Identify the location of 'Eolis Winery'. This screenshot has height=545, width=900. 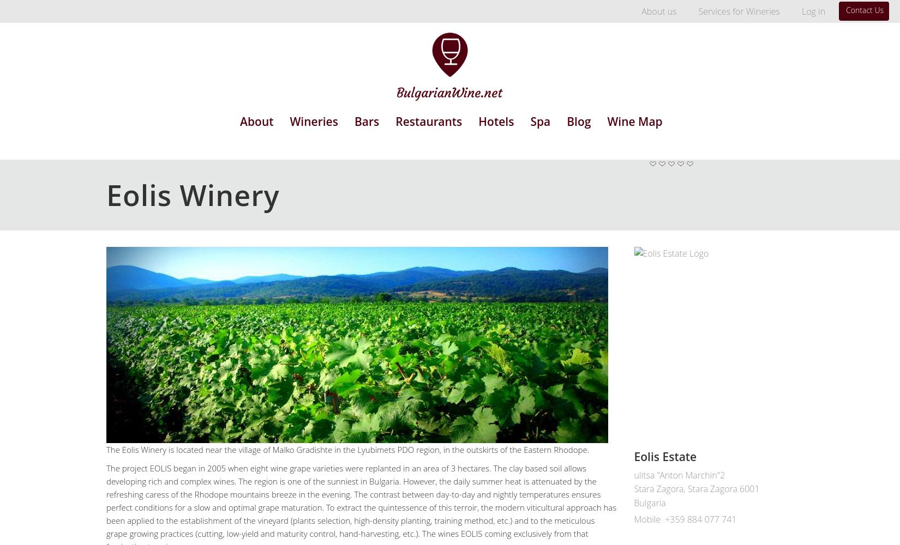
(193, 193).